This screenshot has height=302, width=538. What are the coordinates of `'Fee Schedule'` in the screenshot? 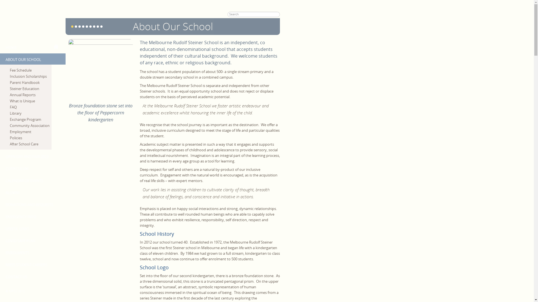 It's located at (30, 70).